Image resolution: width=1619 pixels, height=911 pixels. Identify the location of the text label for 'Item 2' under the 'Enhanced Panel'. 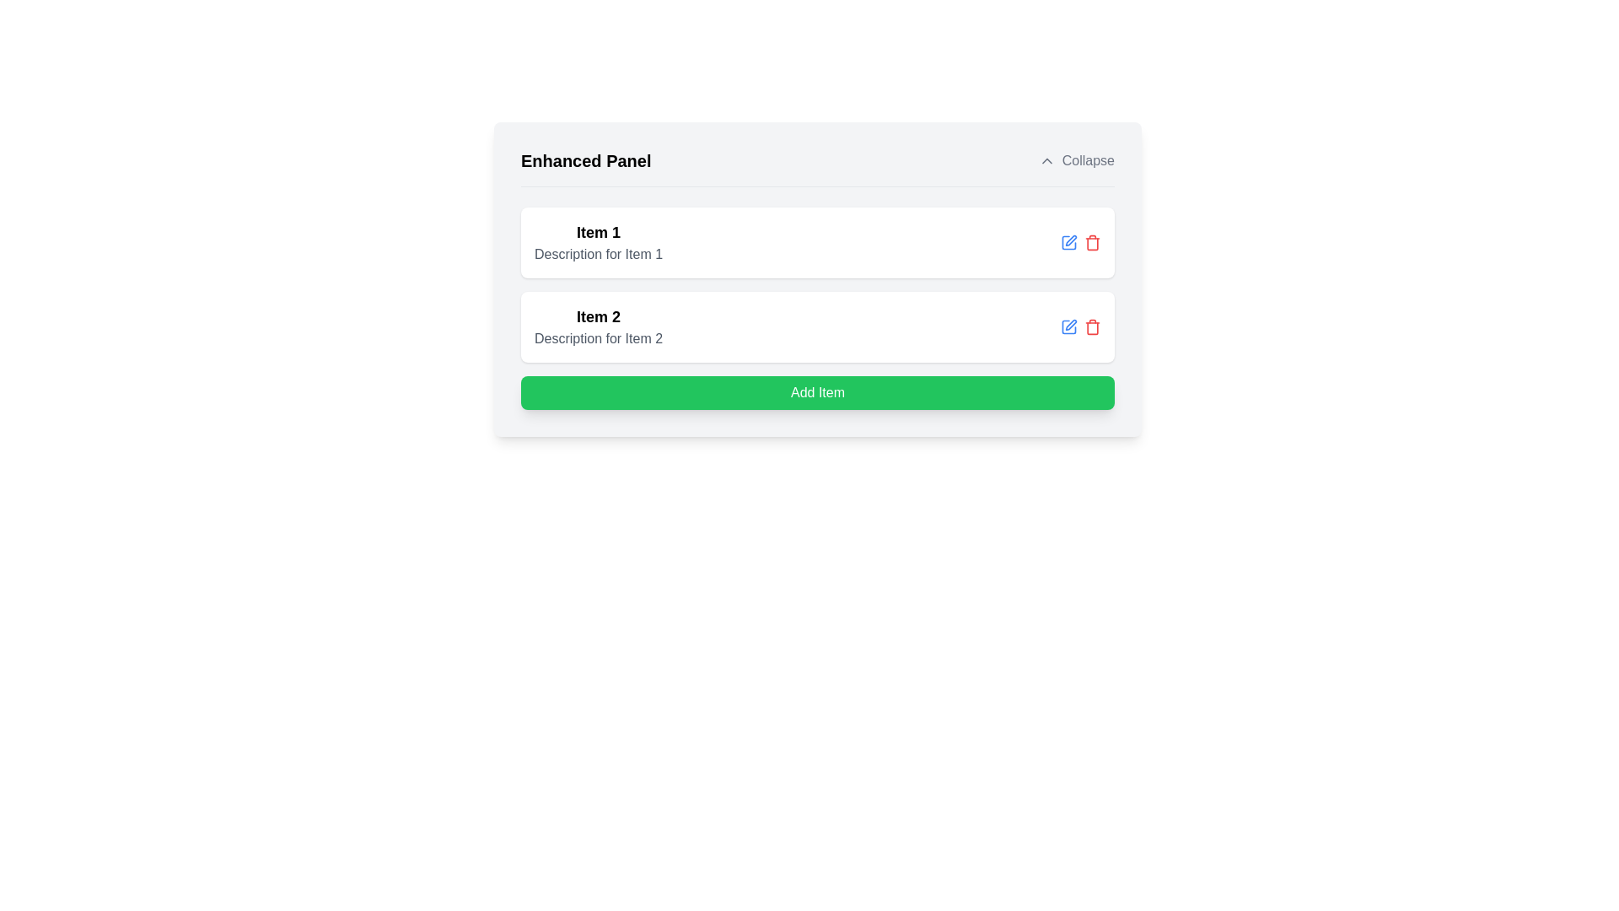
(599, 316).